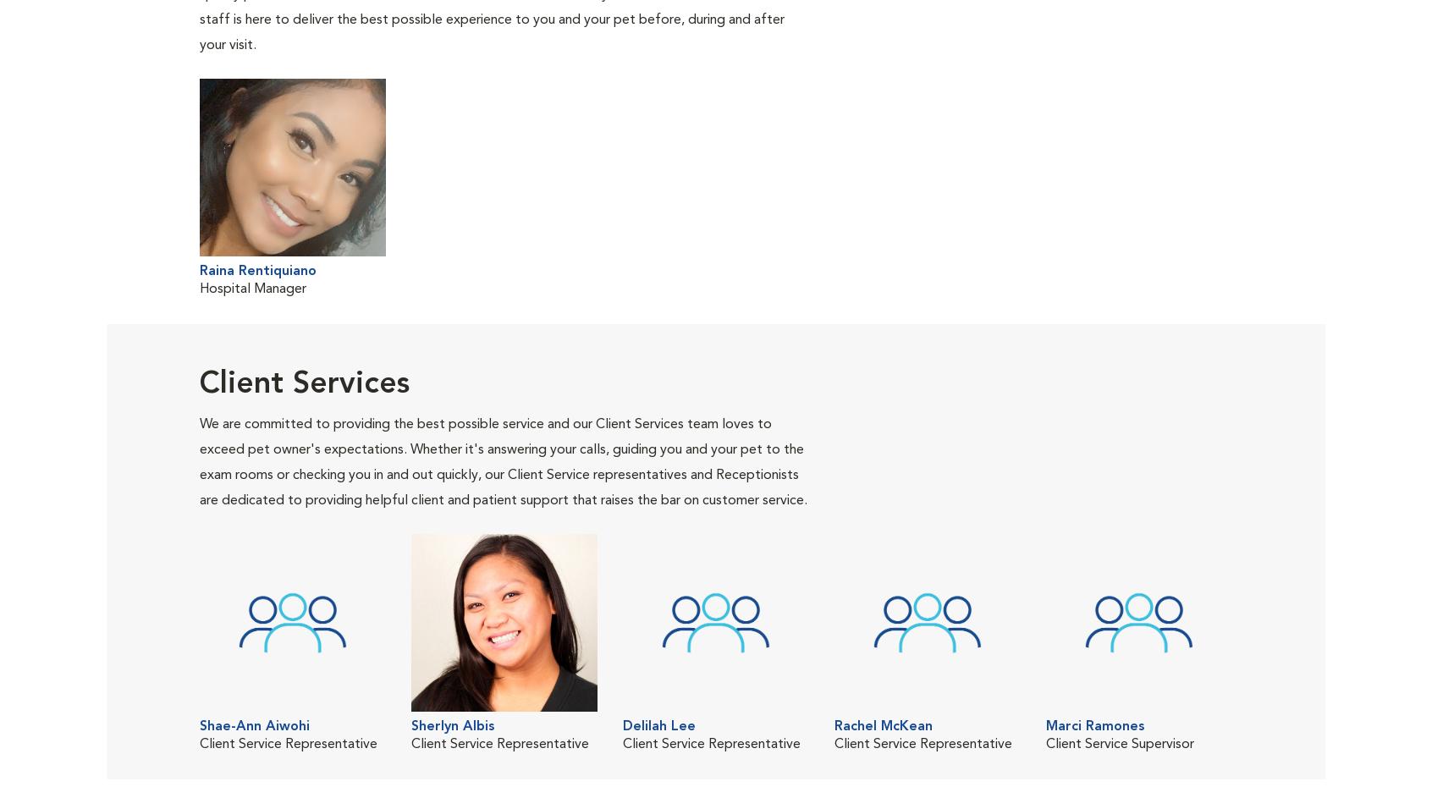 This screenshot has width=1432, height=798. Describe the element at coordinates (1094, 726) in the screenshot. I see `'Marci Ramones'` at that location.